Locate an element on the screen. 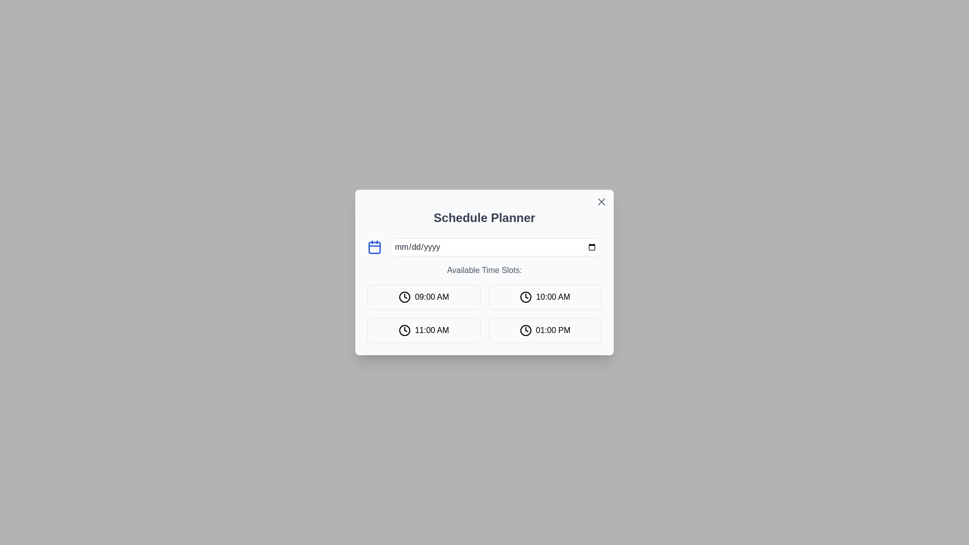 The image size is (969, 545). the time icon that is located to the left of the '10:00 AM' text label, which emphasizes the time aspect is located at coordinates (525, 297).